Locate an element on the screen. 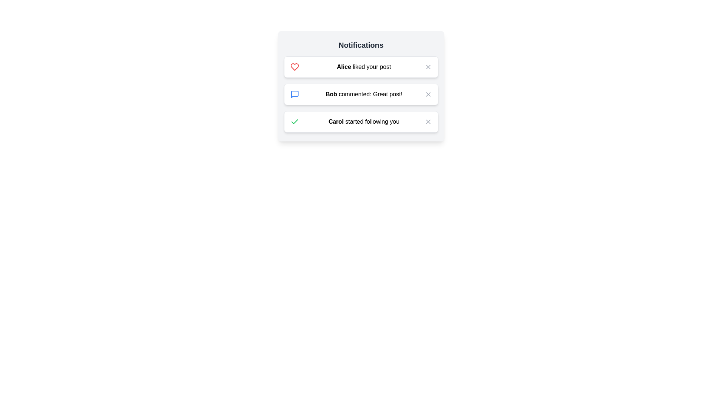 Image resolution: width=712 pixels, height=400 pixels. the text 'Alice' that identifies the user in the first notification entry of the notification panel is located at coordinates (343, 67).